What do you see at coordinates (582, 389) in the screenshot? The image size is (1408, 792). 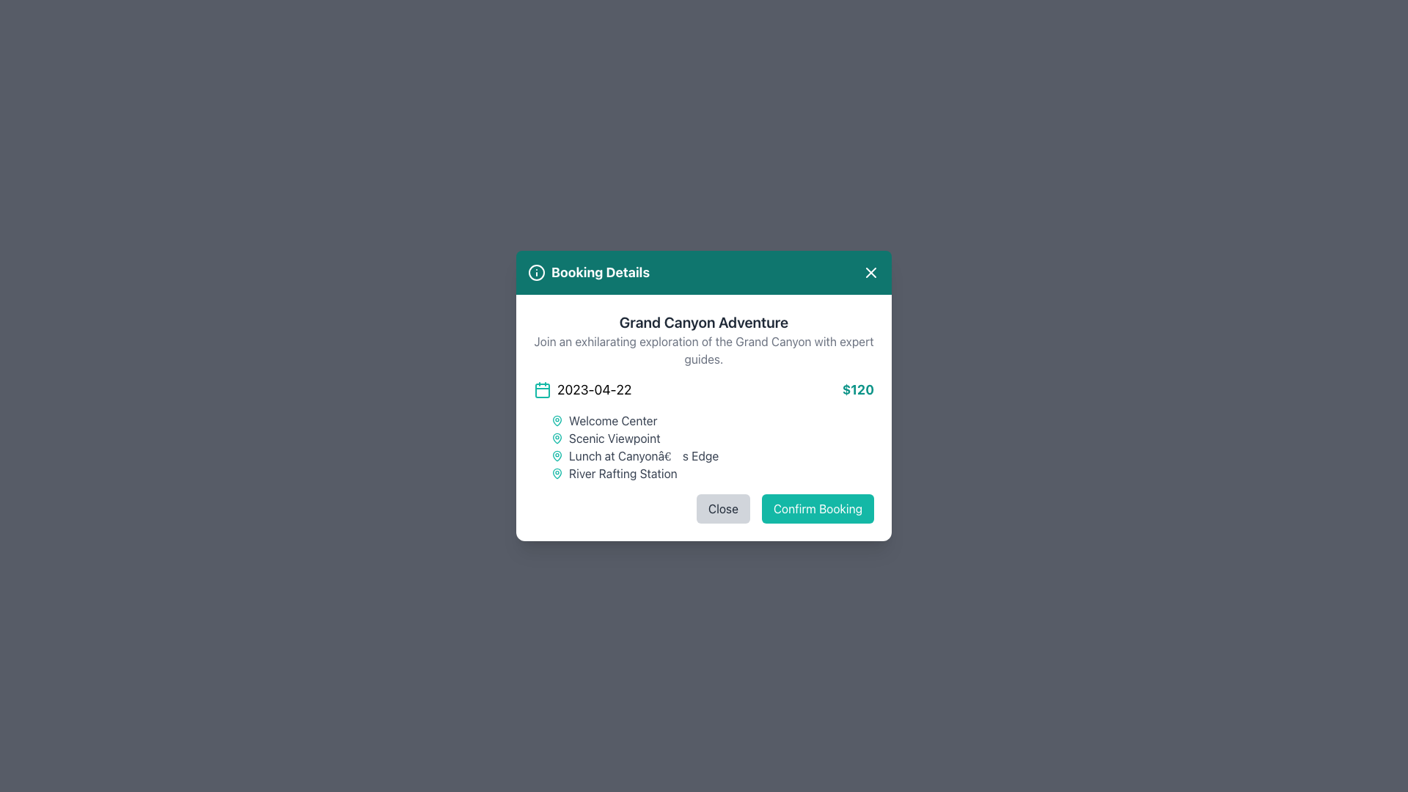 I see `date information from the Text with Icon displaying '2023-04-22' next to a teal outlined calendar icon, located near the top-left section of the dialog box under 'Grand Canyon Adventure'` at bounding box center [582, 389].